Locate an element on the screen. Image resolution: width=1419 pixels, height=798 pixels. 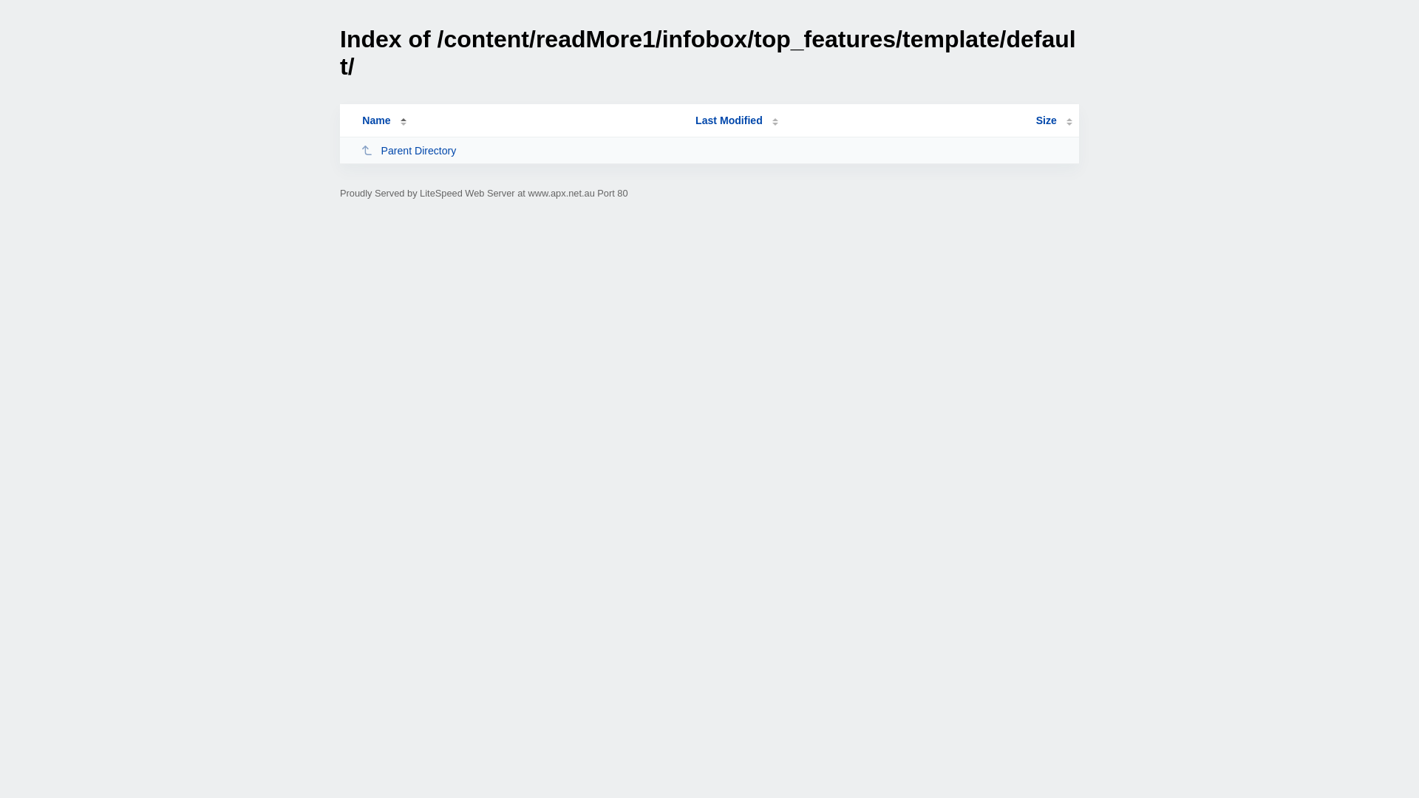
'Size' is located at coordinates (1053, 119).